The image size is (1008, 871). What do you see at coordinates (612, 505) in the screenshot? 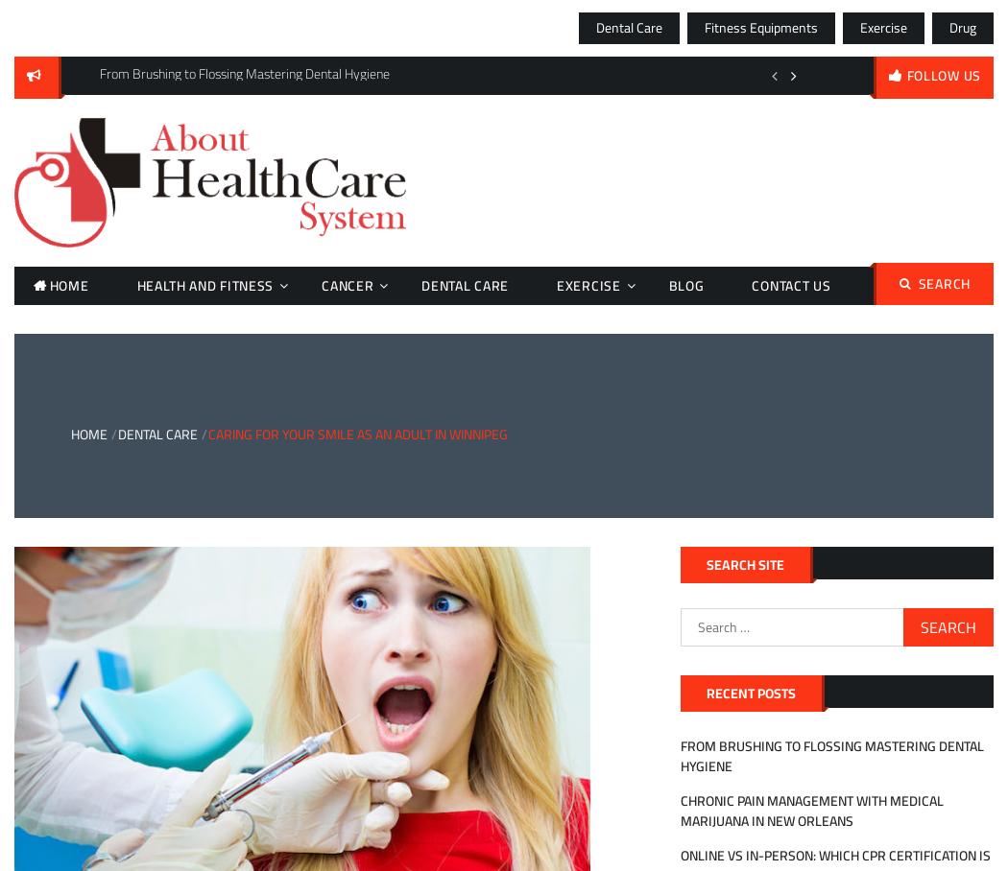
I see `'Medical Services'` at bounding box center [612, 505].